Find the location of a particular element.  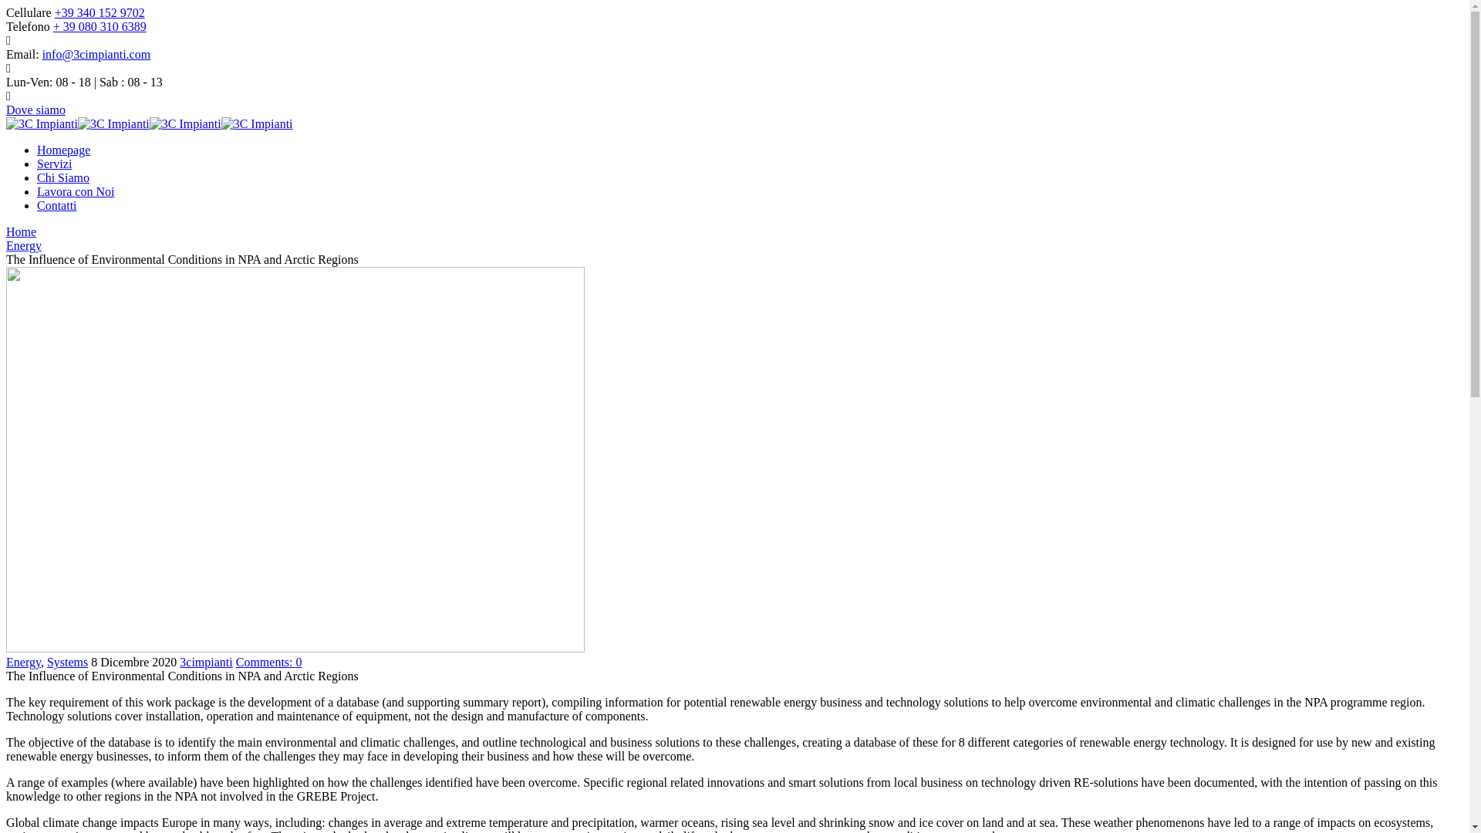

'Lavora con Noi' is located at coordinates (74, 191).